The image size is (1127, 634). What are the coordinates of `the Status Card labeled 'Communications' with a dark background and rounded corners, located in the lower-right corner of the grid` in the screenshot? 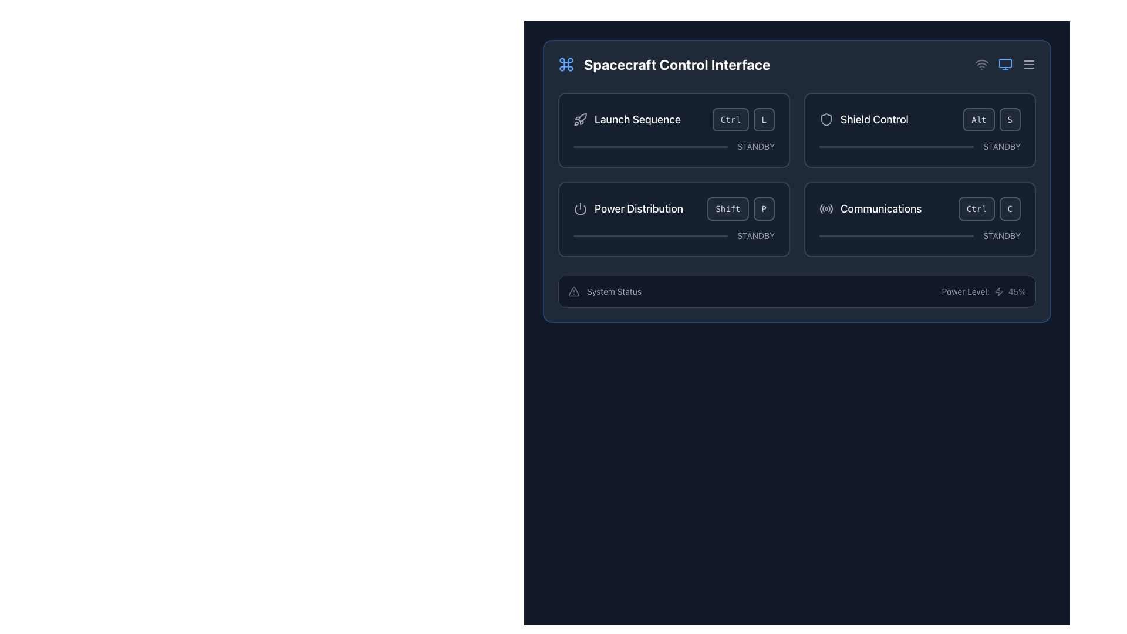 It's located at (919, 220).